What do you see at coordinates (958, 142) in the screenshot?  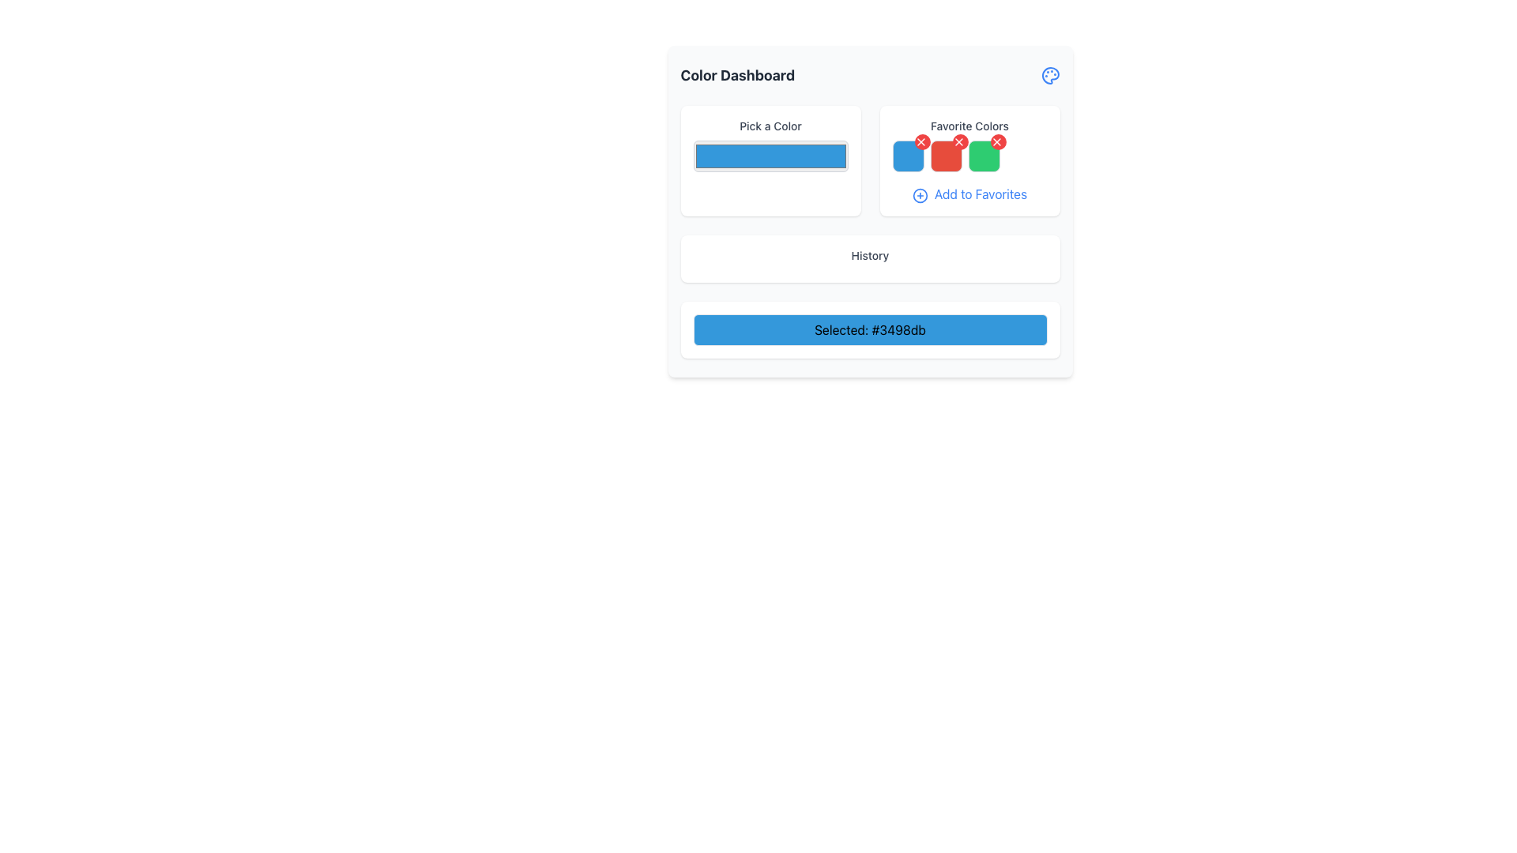 I see `the close button icon located at the top-right corner of the red square color card in the 'Favorite Colors' section of the Color Dashboard` at bounding box center [958, 142].